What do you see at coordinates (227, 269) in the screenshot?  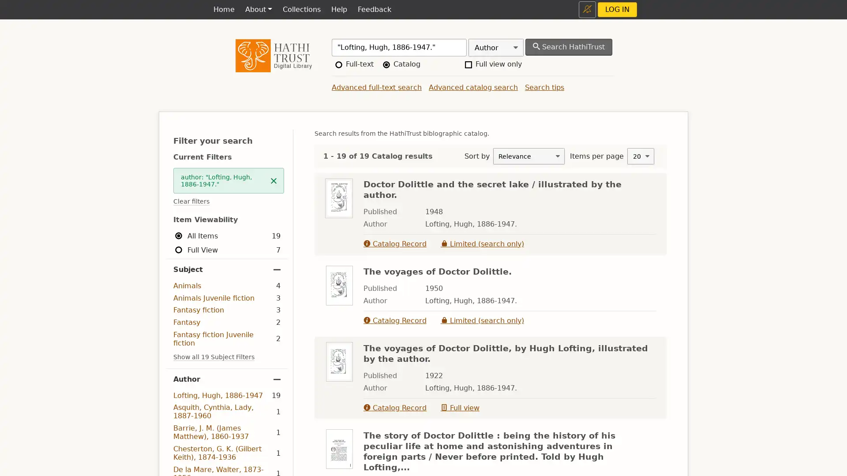 I see `Subject` at bounding box center [227, 269].